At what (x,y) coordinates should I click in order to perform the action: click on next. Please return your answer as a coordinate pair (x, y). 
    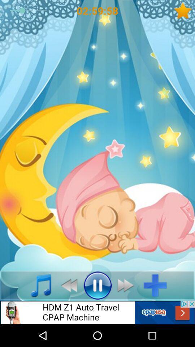
    Looking at the image, I should click on (127, 285).